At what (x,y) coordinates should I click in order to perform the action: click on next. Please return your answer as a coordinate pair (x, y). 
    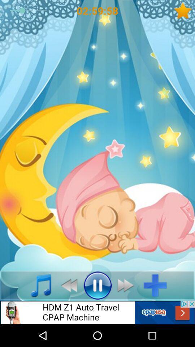
    Looking at the image, I should click on (127, 285).